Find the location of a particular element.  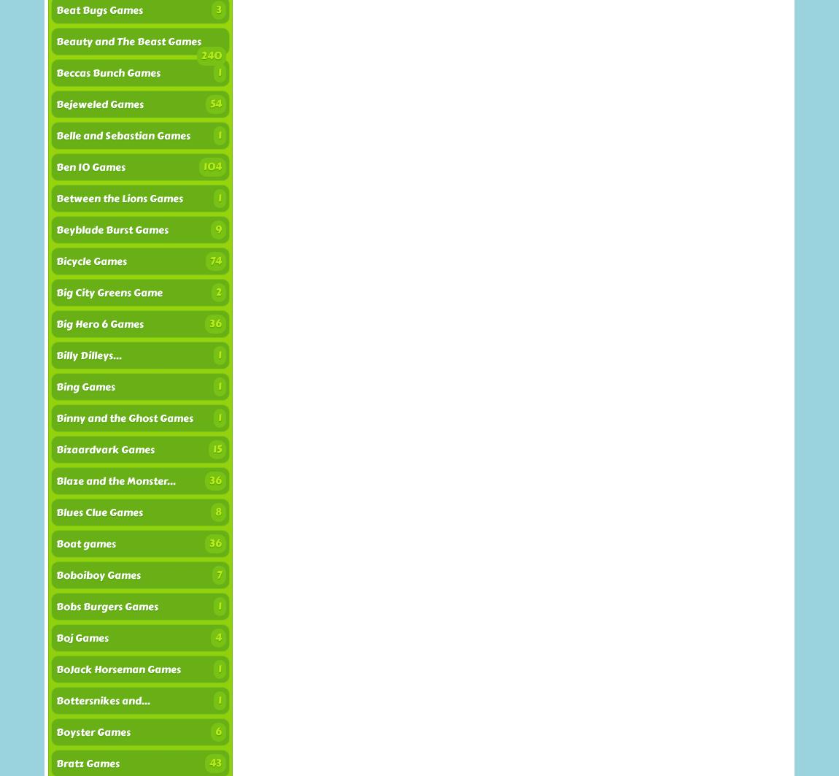

'Bizaardvark Games' is located at coordinates (104, 449).